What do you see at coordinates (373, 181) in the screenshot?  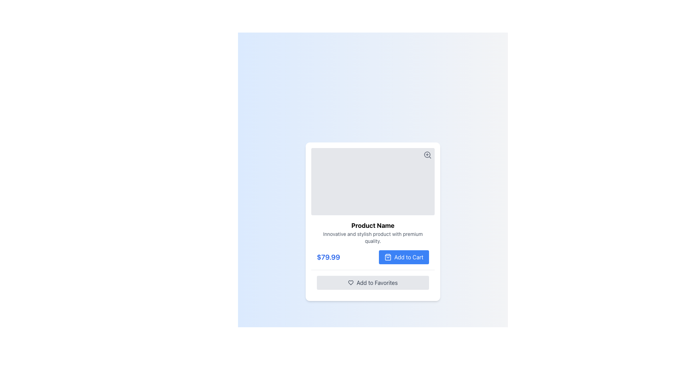 I see `the image placeholder located at the top section of the product card` at bounding box center [373, 181].